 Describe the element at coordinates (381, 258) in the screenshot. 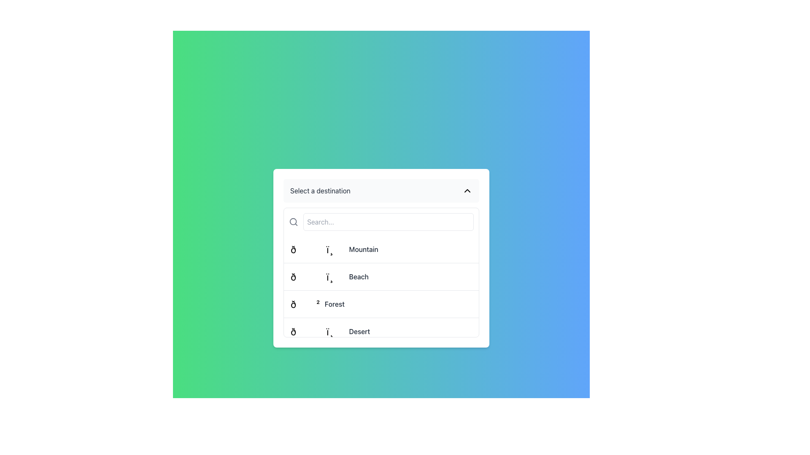

I see `the option in the 'Select a destination' dropdown menu` at that location.